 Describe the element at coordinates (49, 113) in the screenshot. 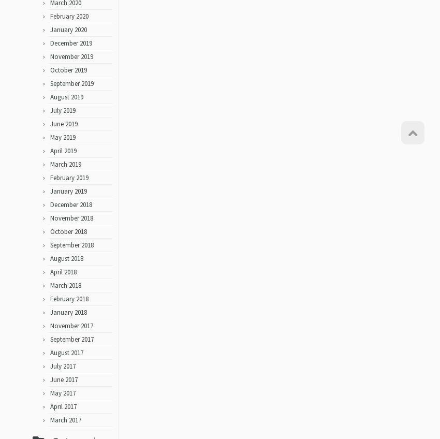

I see `'July 2019'` at that location.